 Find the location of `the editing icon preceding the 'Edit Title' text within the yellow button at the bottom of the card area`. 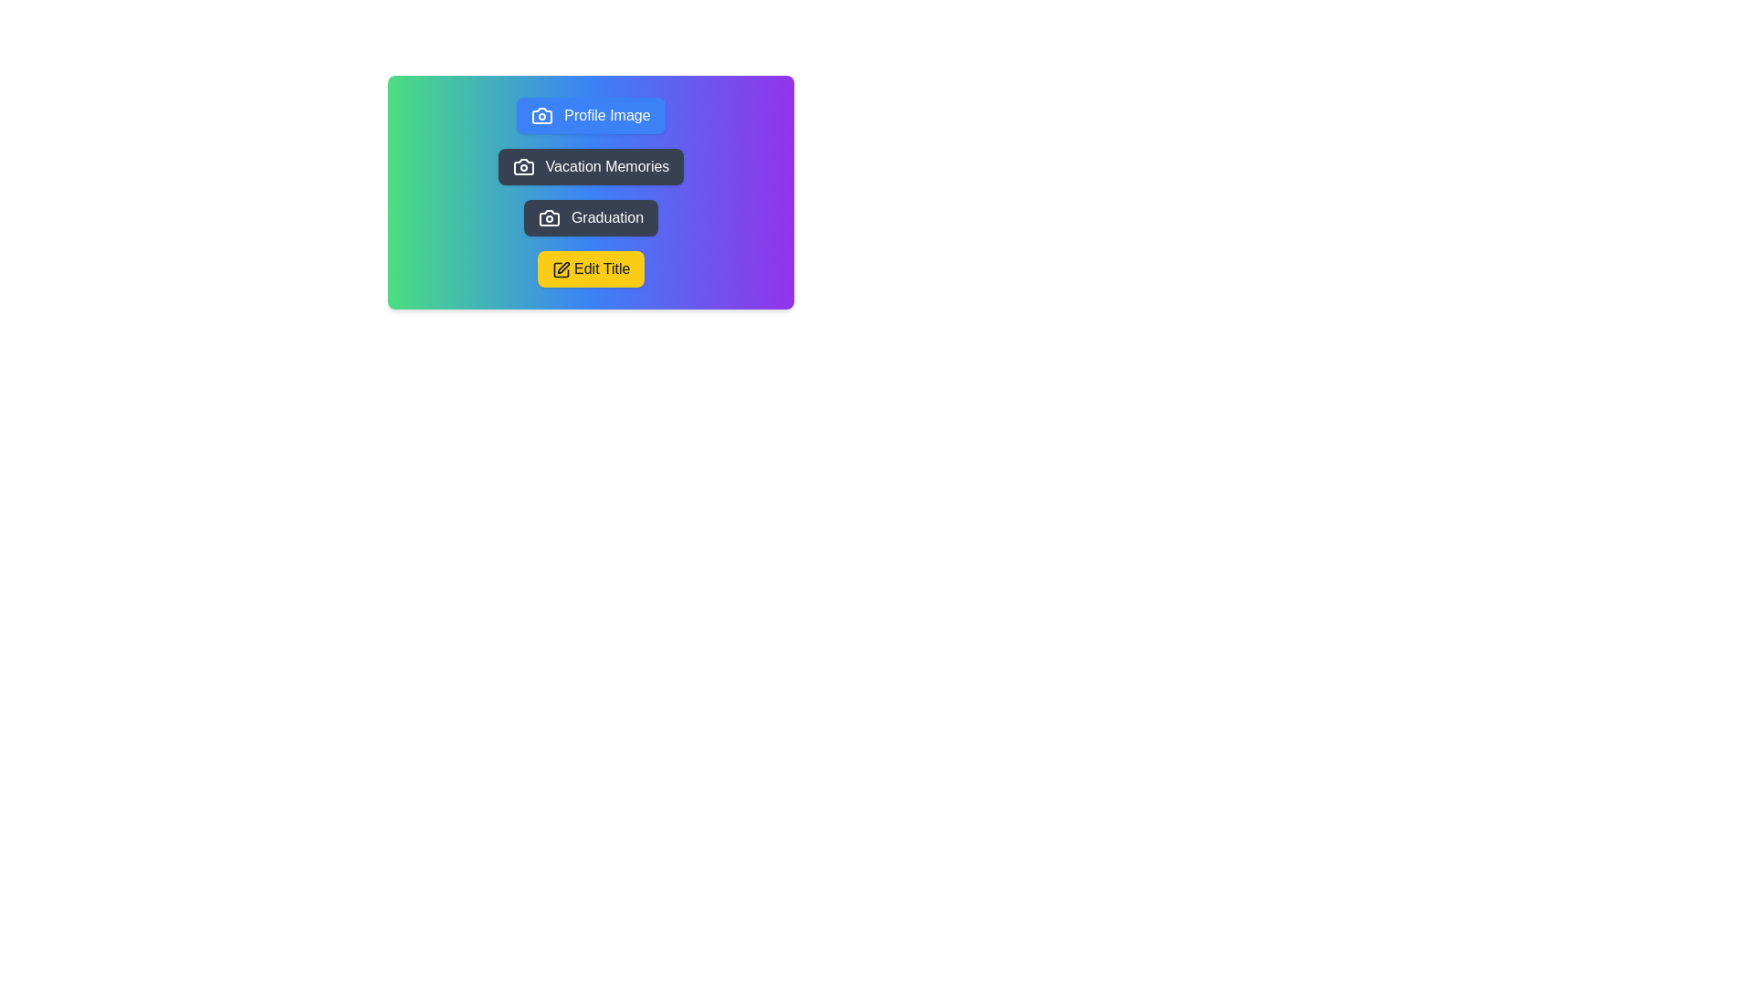

the editing icon preceding the 'Edit Title' text within the yellow button at the bottom of the card area is located at coordinates (560, 269).